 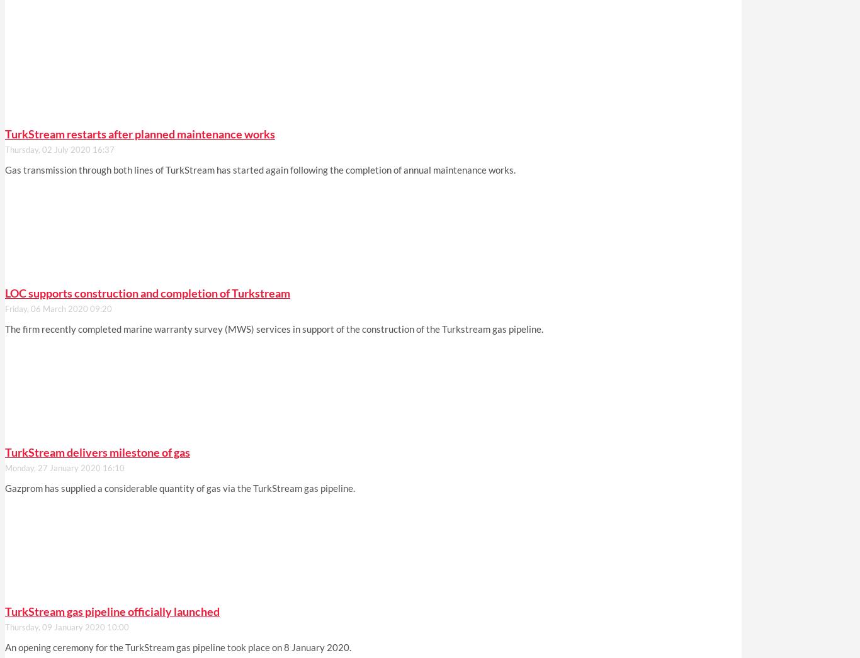 What do you see at coordinates (180, 488) in the screenshot?
I see `'Gazprom has supplied a considerable quantity of gas via the TurkStream gas pipeline.'` at bounding box center [180, 488].